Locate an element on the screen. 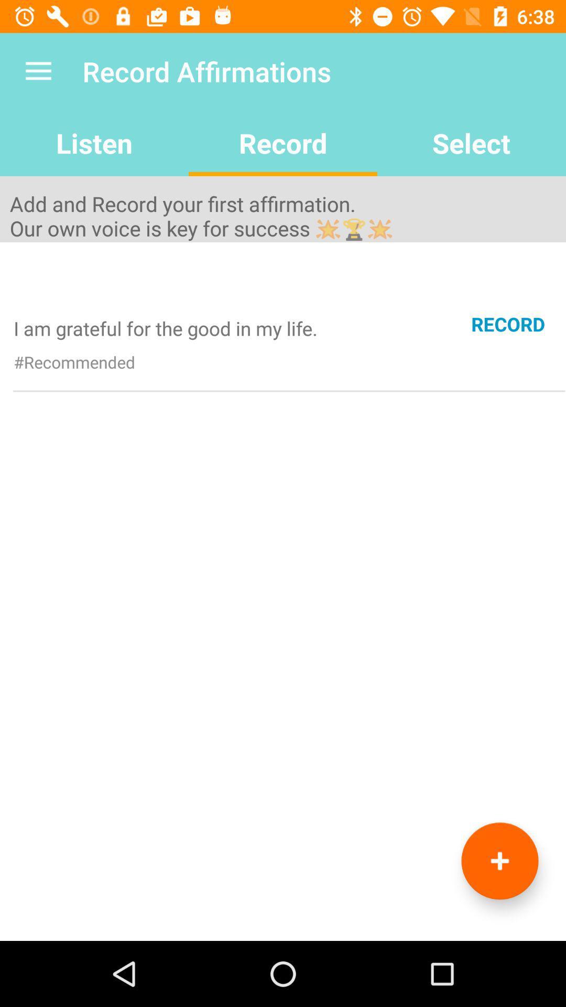 The width and height of the screenshot is (566, 1007). the item above the listen item is located at coordinates (38, 71).